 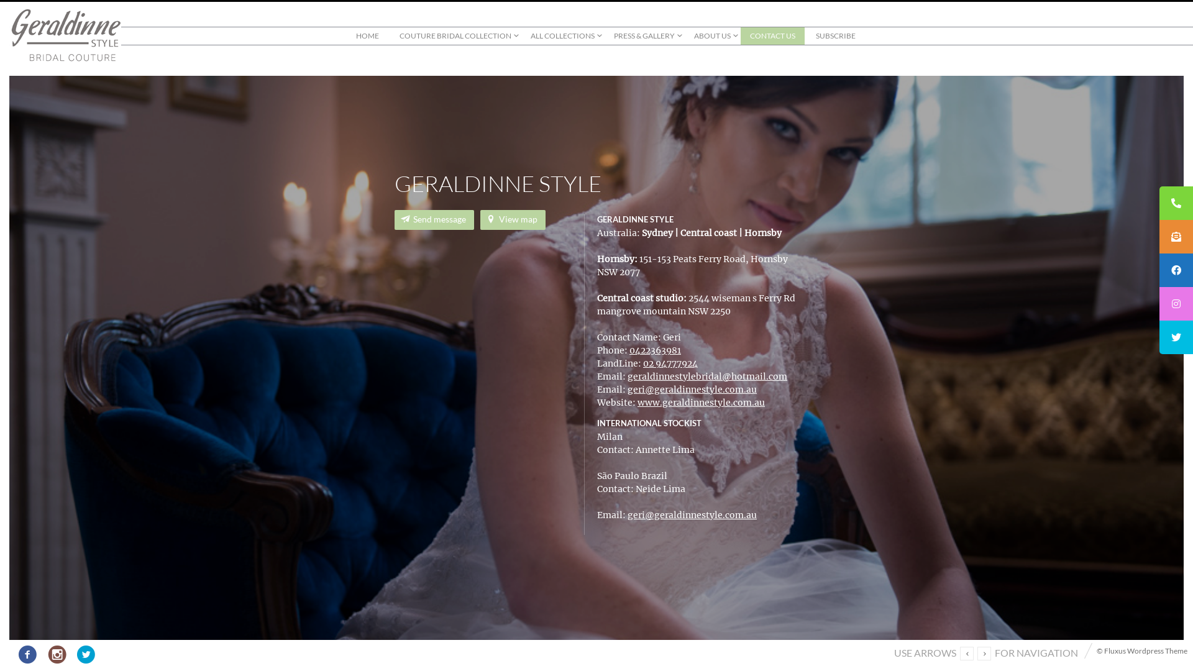 What do you see at coordinates (772, 35) in the screenshot?
I see `'CONTACT US'` at bounding box center [772, 35].